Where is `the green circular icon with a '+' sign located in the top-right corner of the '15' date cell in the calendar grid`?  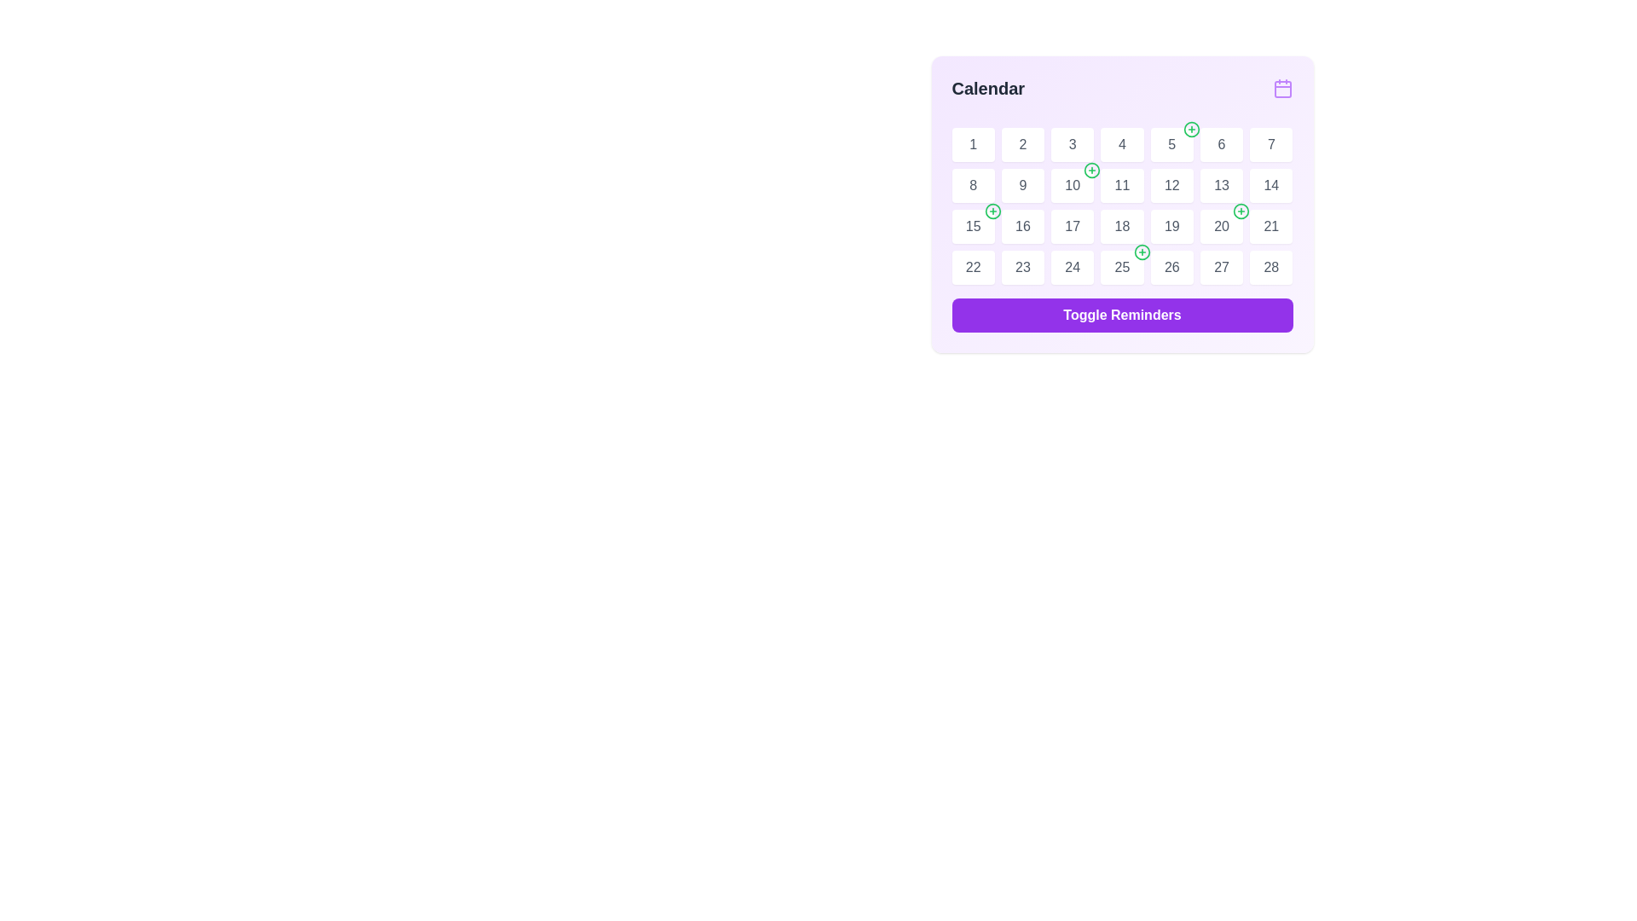 the green circular icon with a '+' sign located in the top-right corner of the '15' date cell in the calendar grid is located at coordinates (992, 210).